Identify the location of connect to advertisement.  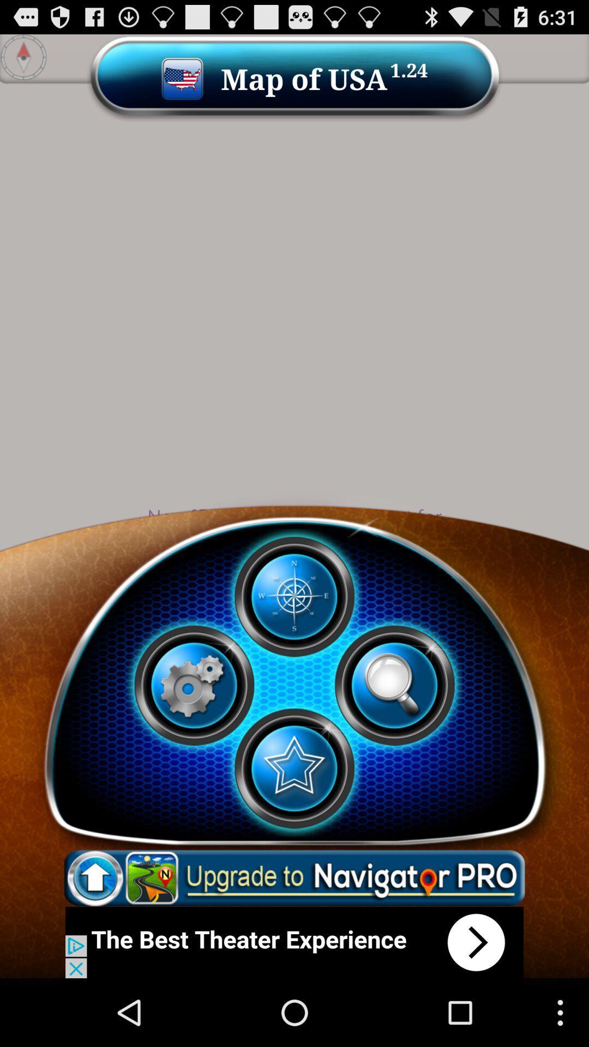
(294, 942).